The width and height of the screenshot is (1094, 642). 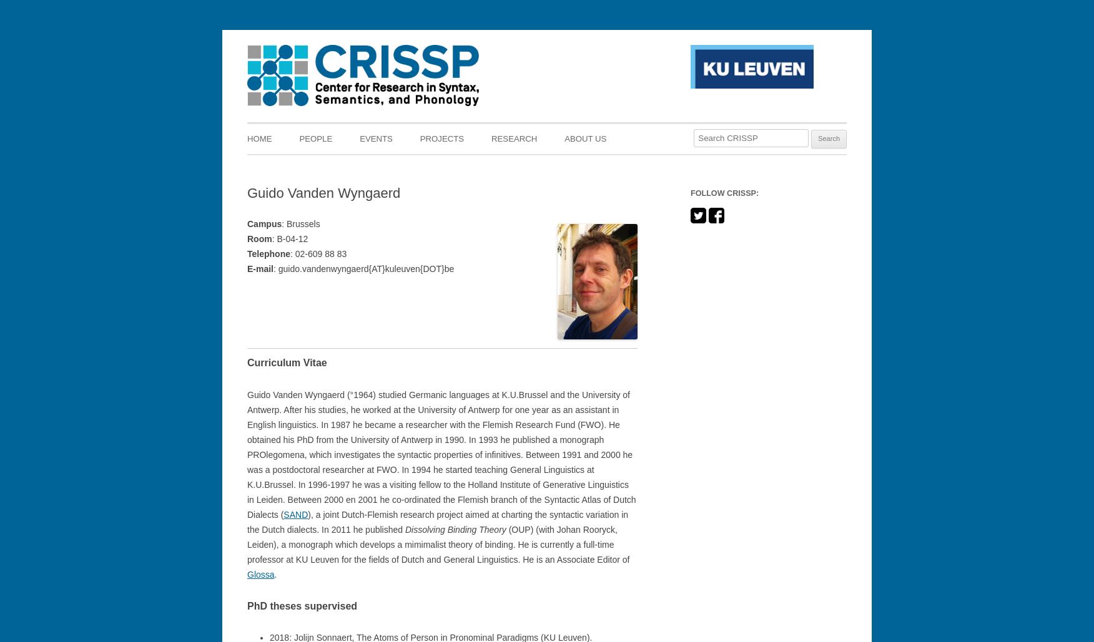 What do you see at coordinates (259, 238) in the screenshot?
I see `'Room'` at bounding box center [259, 238].